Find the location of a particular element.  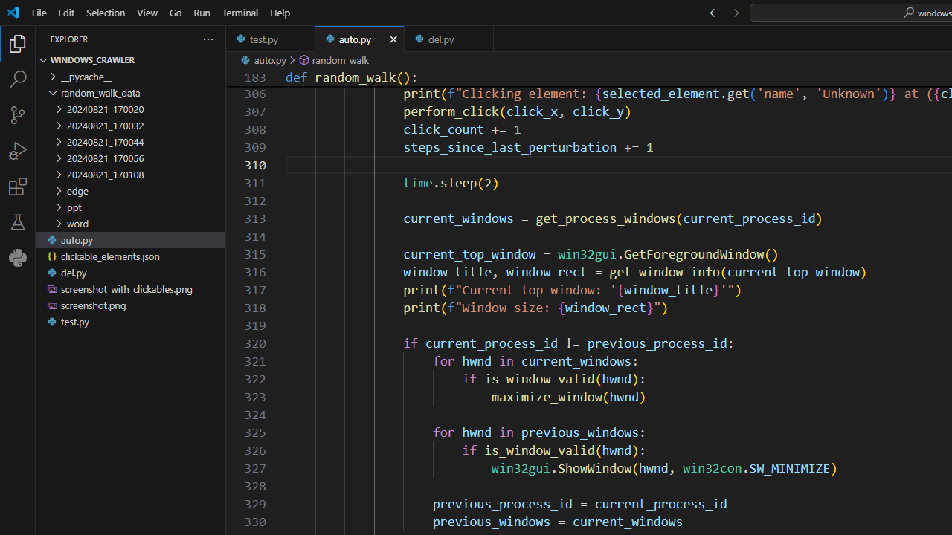

'Selection' is located at coordinates (105, 12).